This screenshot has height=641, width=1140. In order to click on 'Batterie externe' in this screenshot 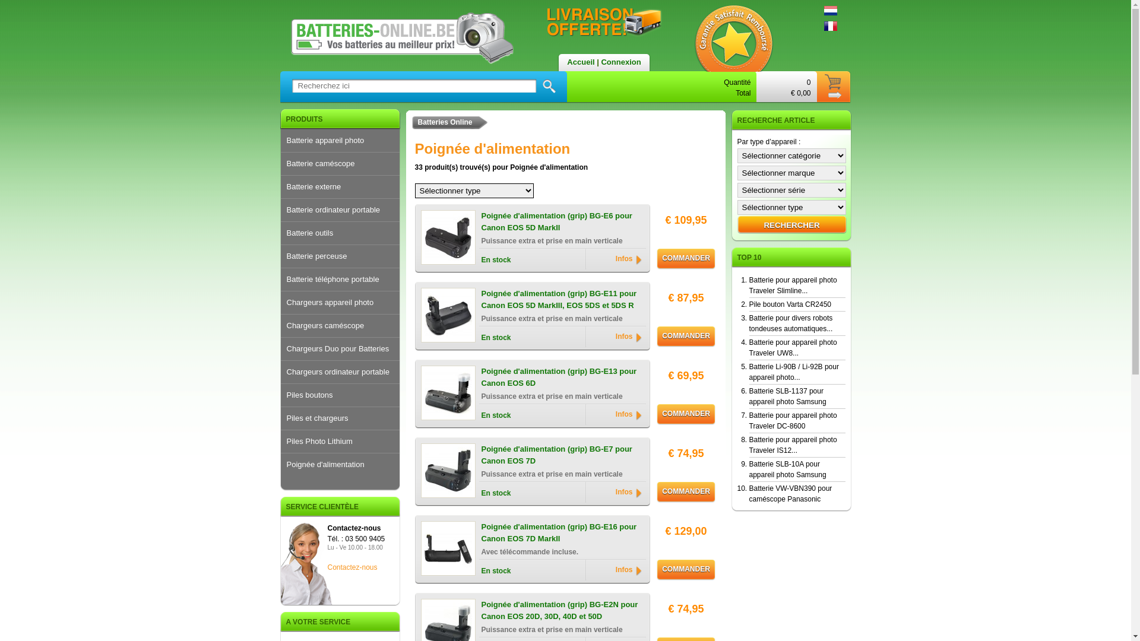, I will do `click(338, 187)`.